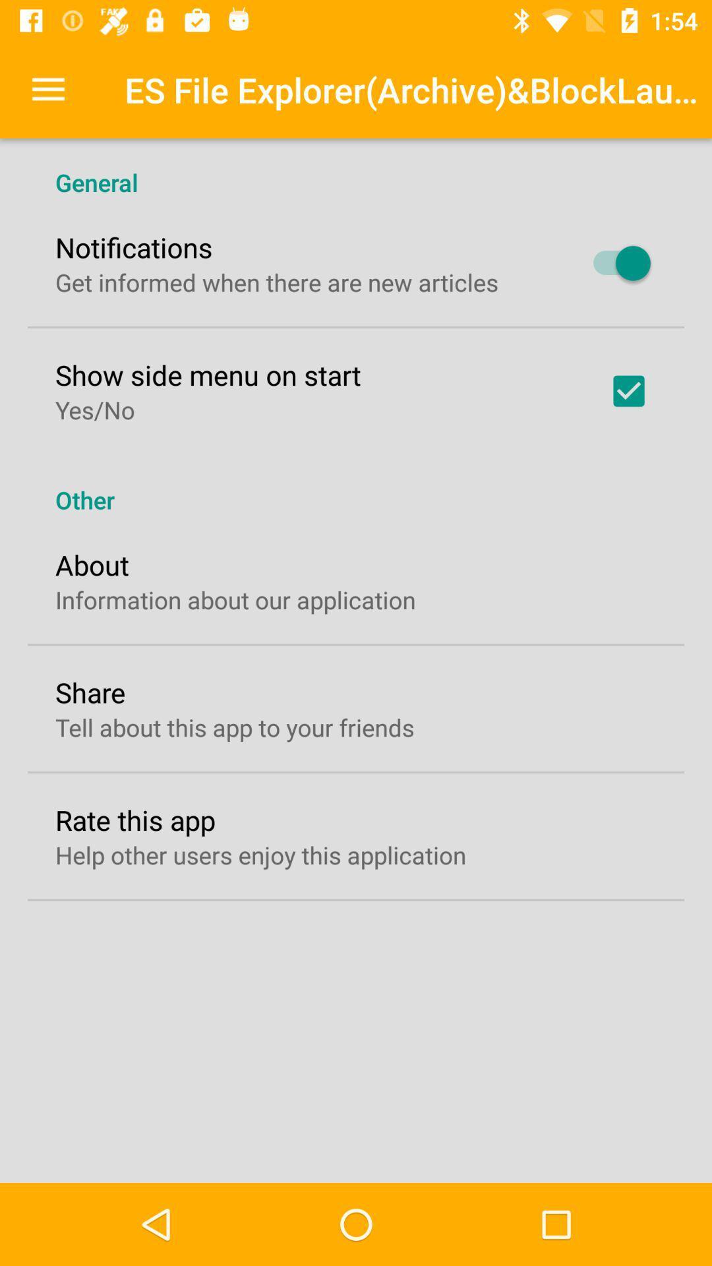  Describe the element at coordinates (235, 599) in the screenshot. I see `the information about our item` at that location.